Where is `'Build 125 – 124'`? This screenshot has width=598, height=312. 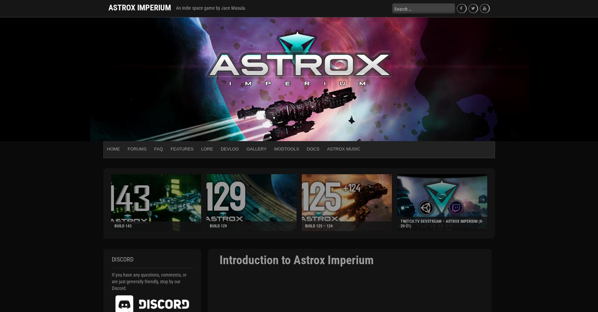 'Build 125 – 124' is located at coordinates (305, 226).